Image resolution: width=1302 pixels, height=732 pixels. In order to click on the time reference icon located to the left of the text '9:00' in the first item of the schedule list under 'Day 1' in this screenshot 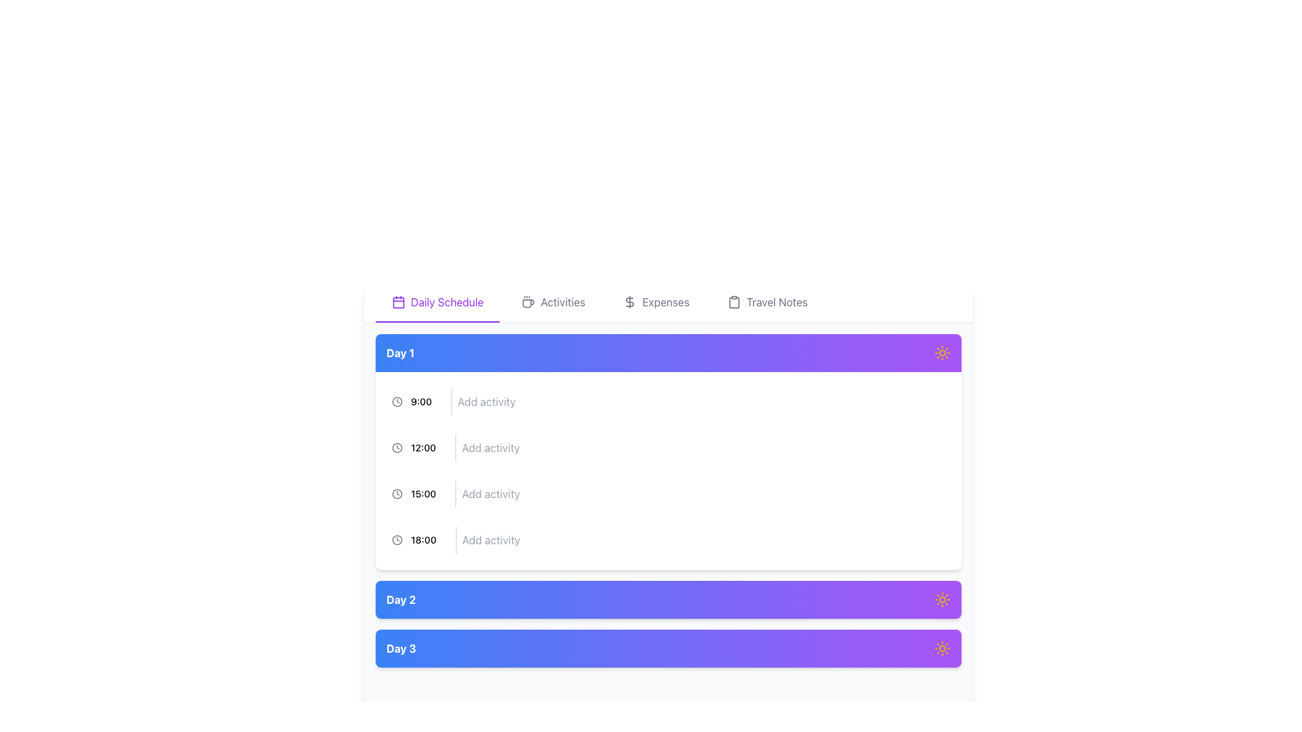, I will do `click(396, 401)`.